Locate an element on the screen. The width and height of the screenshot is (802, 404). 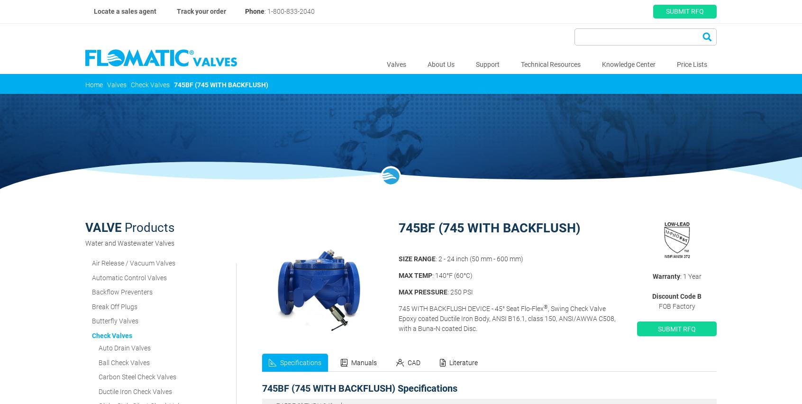
'Quarter Turn Ball Valves' is located at coordinates (91, 354).